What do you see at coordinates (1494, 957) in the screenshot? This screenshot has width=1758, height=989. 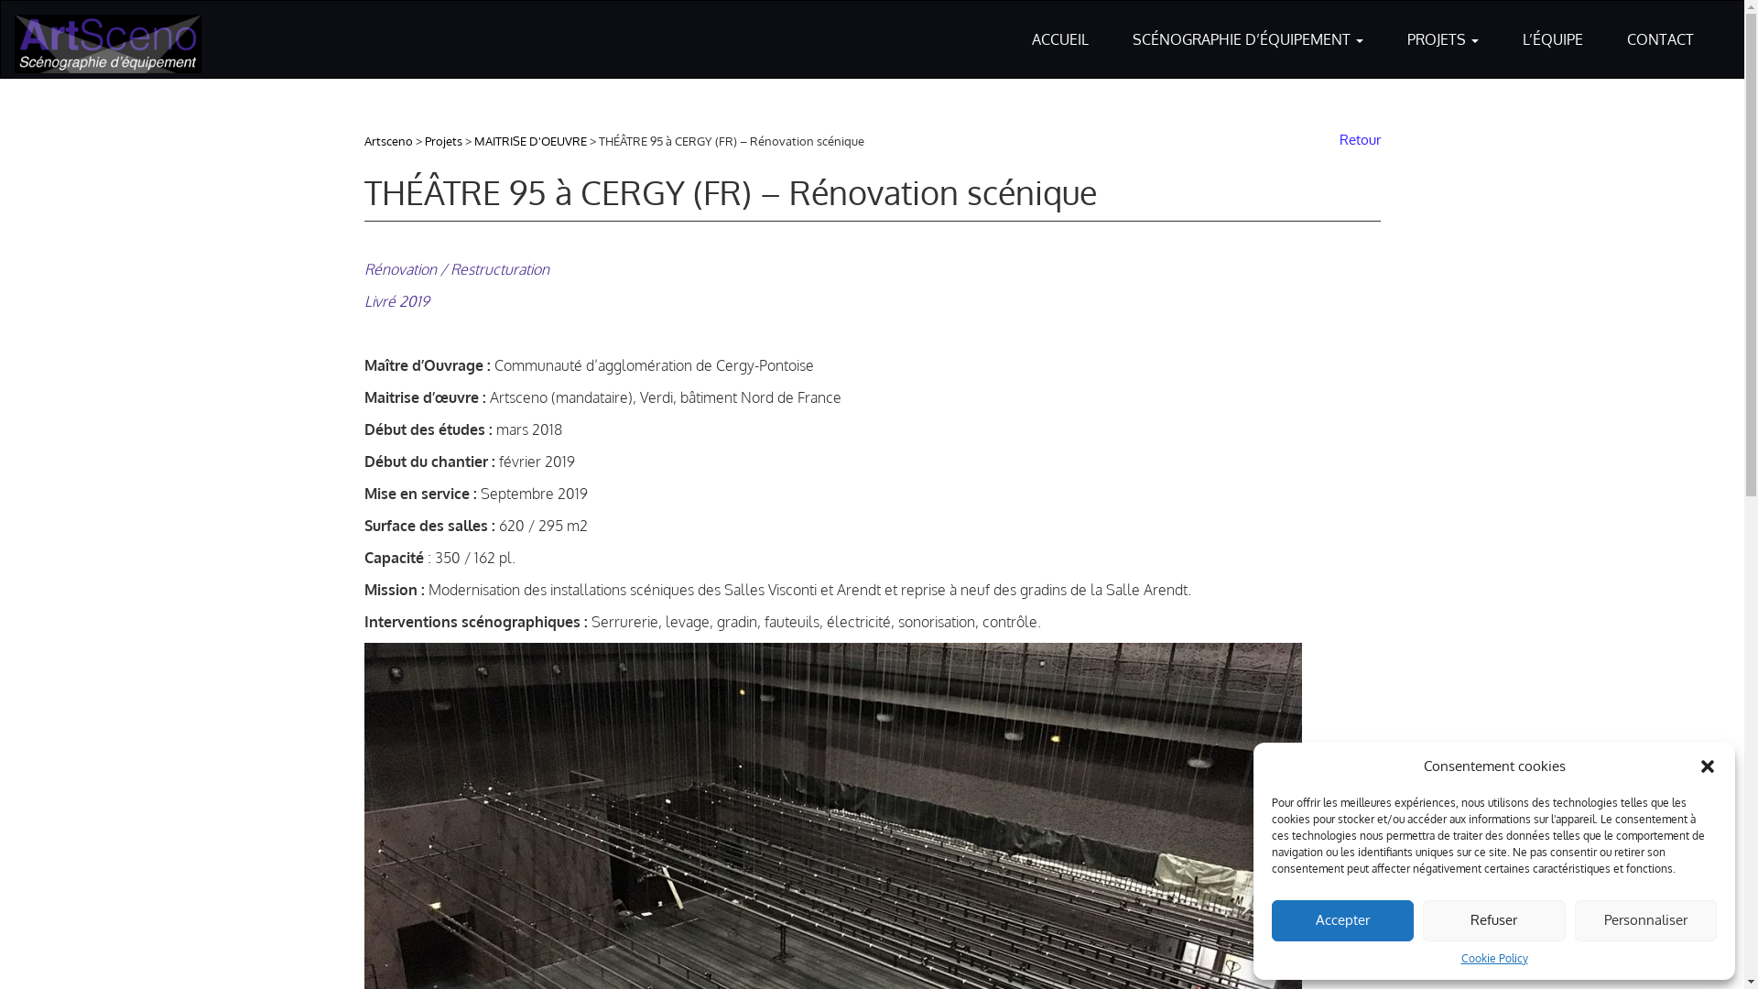 I see `'Cookie Policy'` at bounding box center [1494, 957].